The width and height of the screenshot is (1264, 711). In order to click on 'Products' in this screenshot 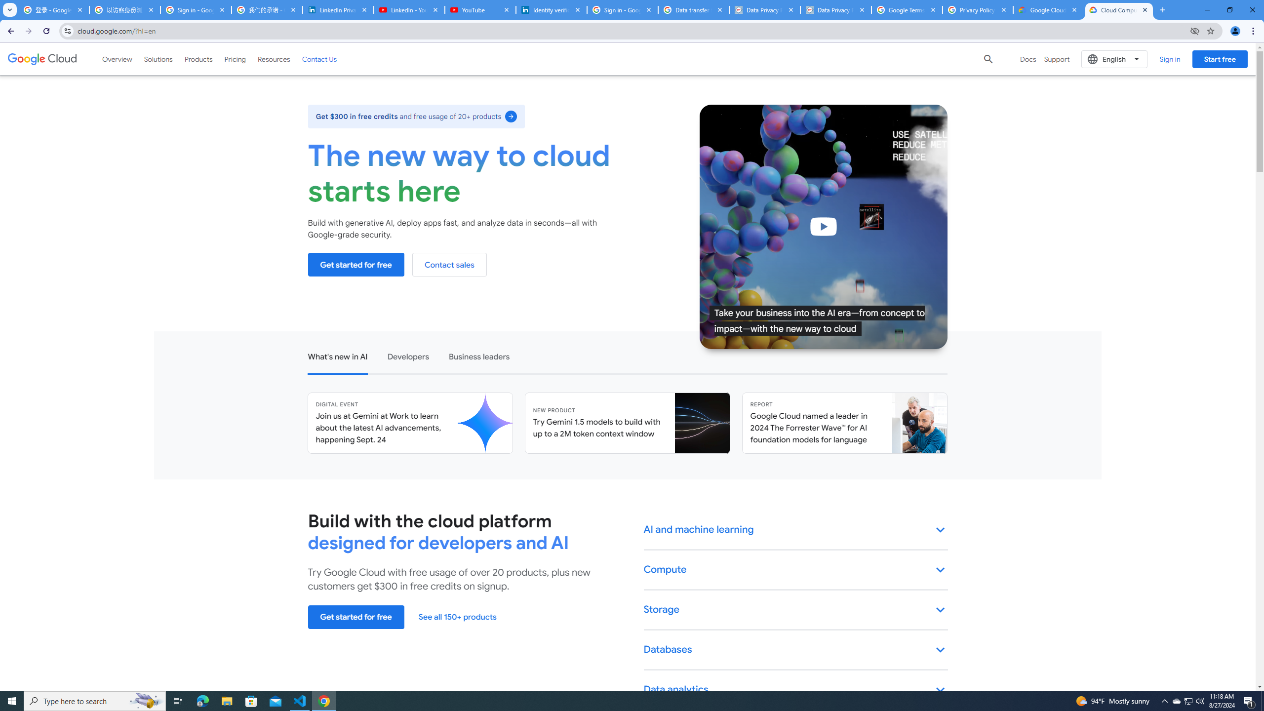, I will do `click(197, 58)`.